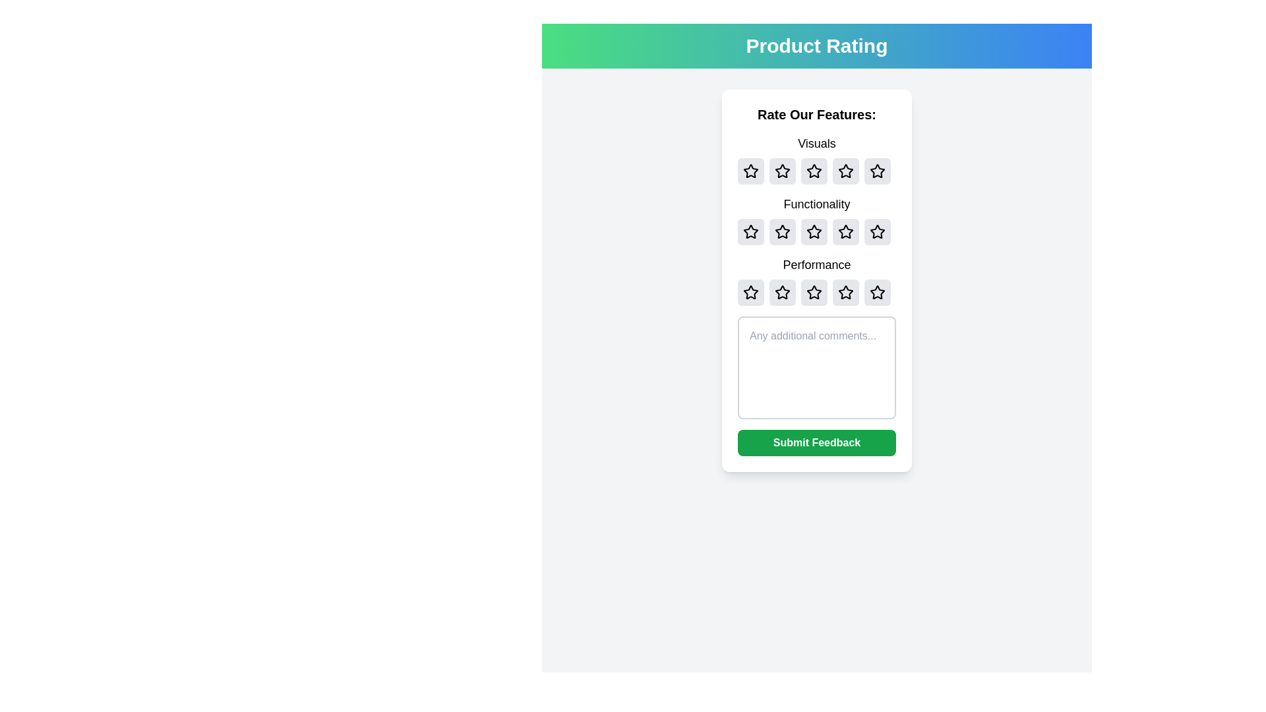 The image size is (1266, 712). Describe the element at coordinates (877, 231) in the screenshot. I see `the fourth star in the 'Functionality' row of the rating section` at that location.